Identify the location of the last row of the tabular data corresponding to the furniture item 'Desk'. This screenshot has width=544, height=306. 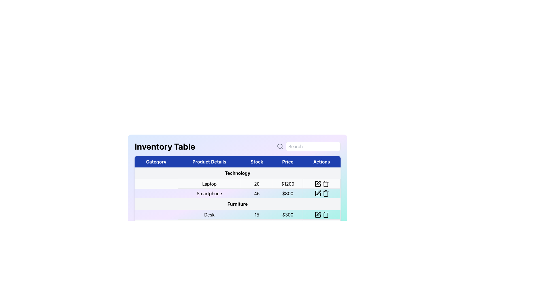
(237, 214).